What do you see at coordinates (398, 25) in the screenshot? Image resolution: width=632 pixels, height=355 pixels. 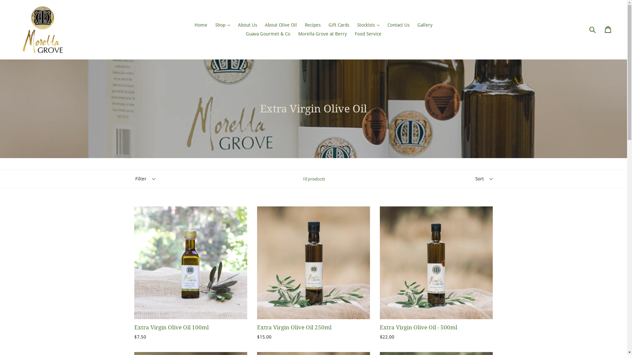 I see `'Contact Us'` at bounding box center [398, 25].